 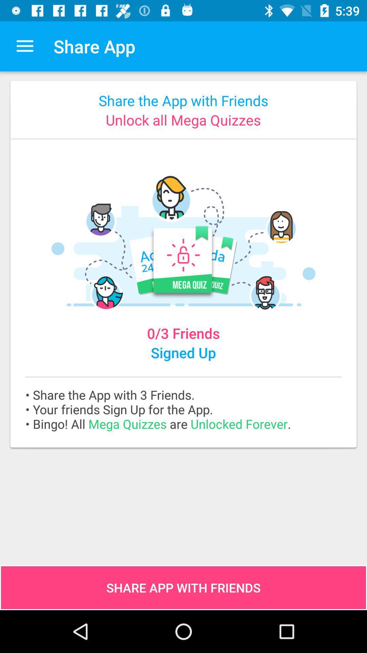 I want to click on item next to share app icon, so click(x=24, y=46).